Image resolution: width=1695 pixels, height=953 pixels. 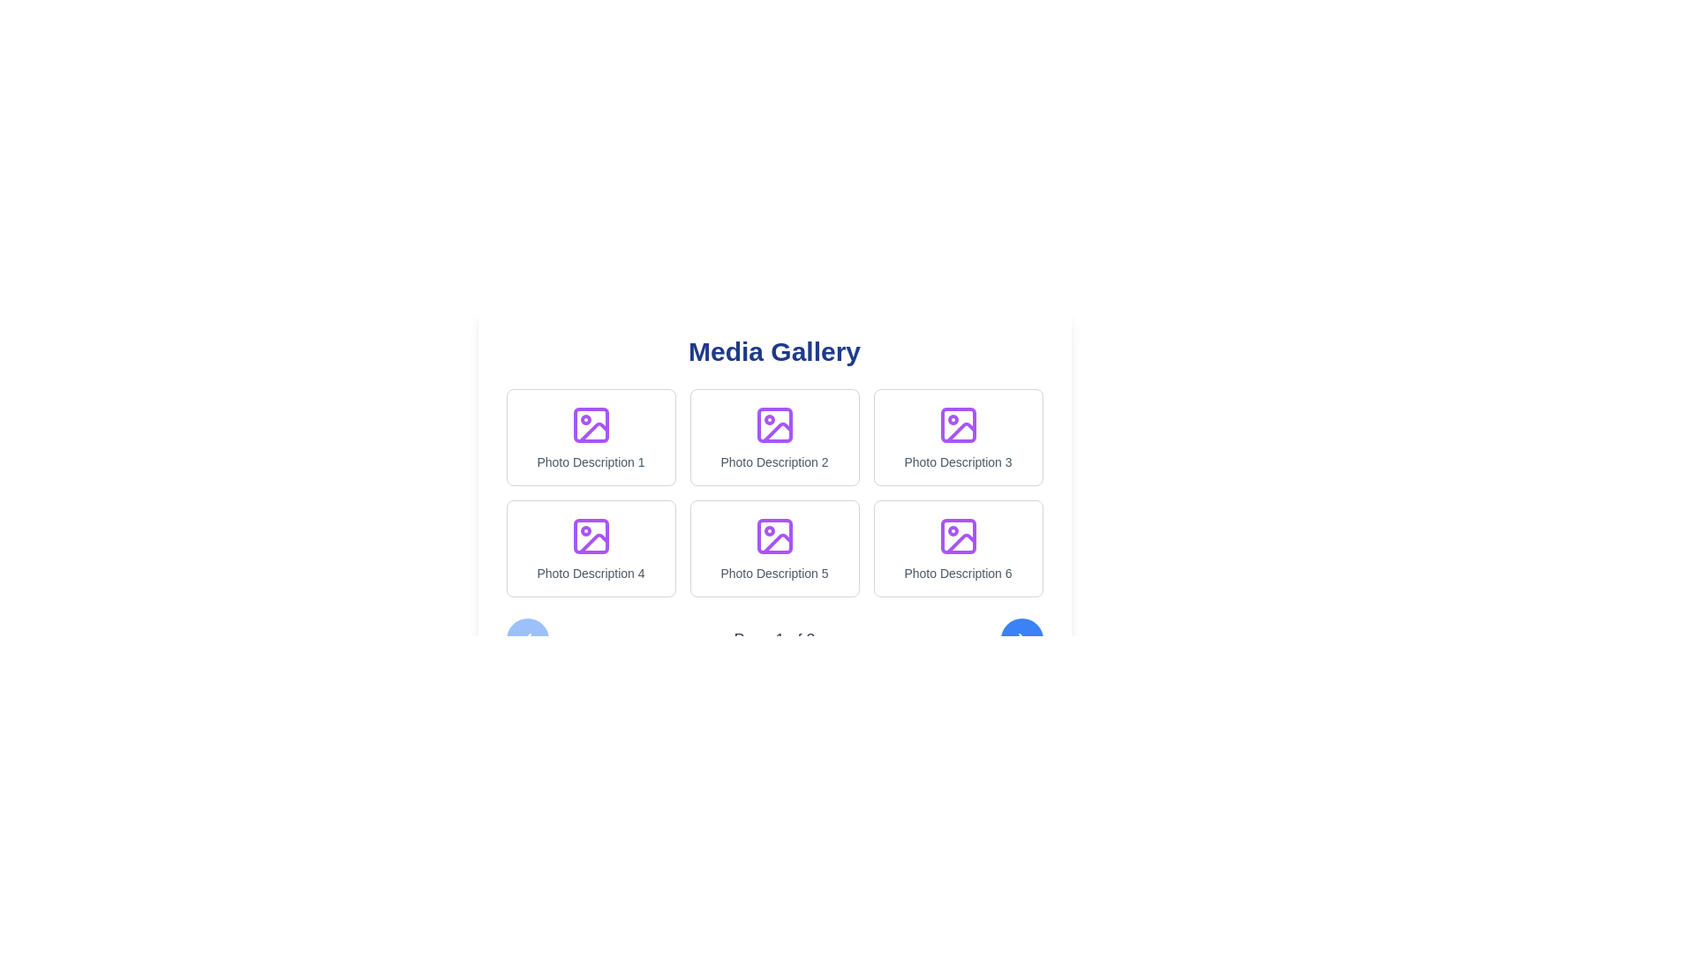 I want to click on the text label that displays the current page number and total pages, located at the horizontal center of the page, below the photo description elements, between two circular blue buttons, so click(x=774, y=640).